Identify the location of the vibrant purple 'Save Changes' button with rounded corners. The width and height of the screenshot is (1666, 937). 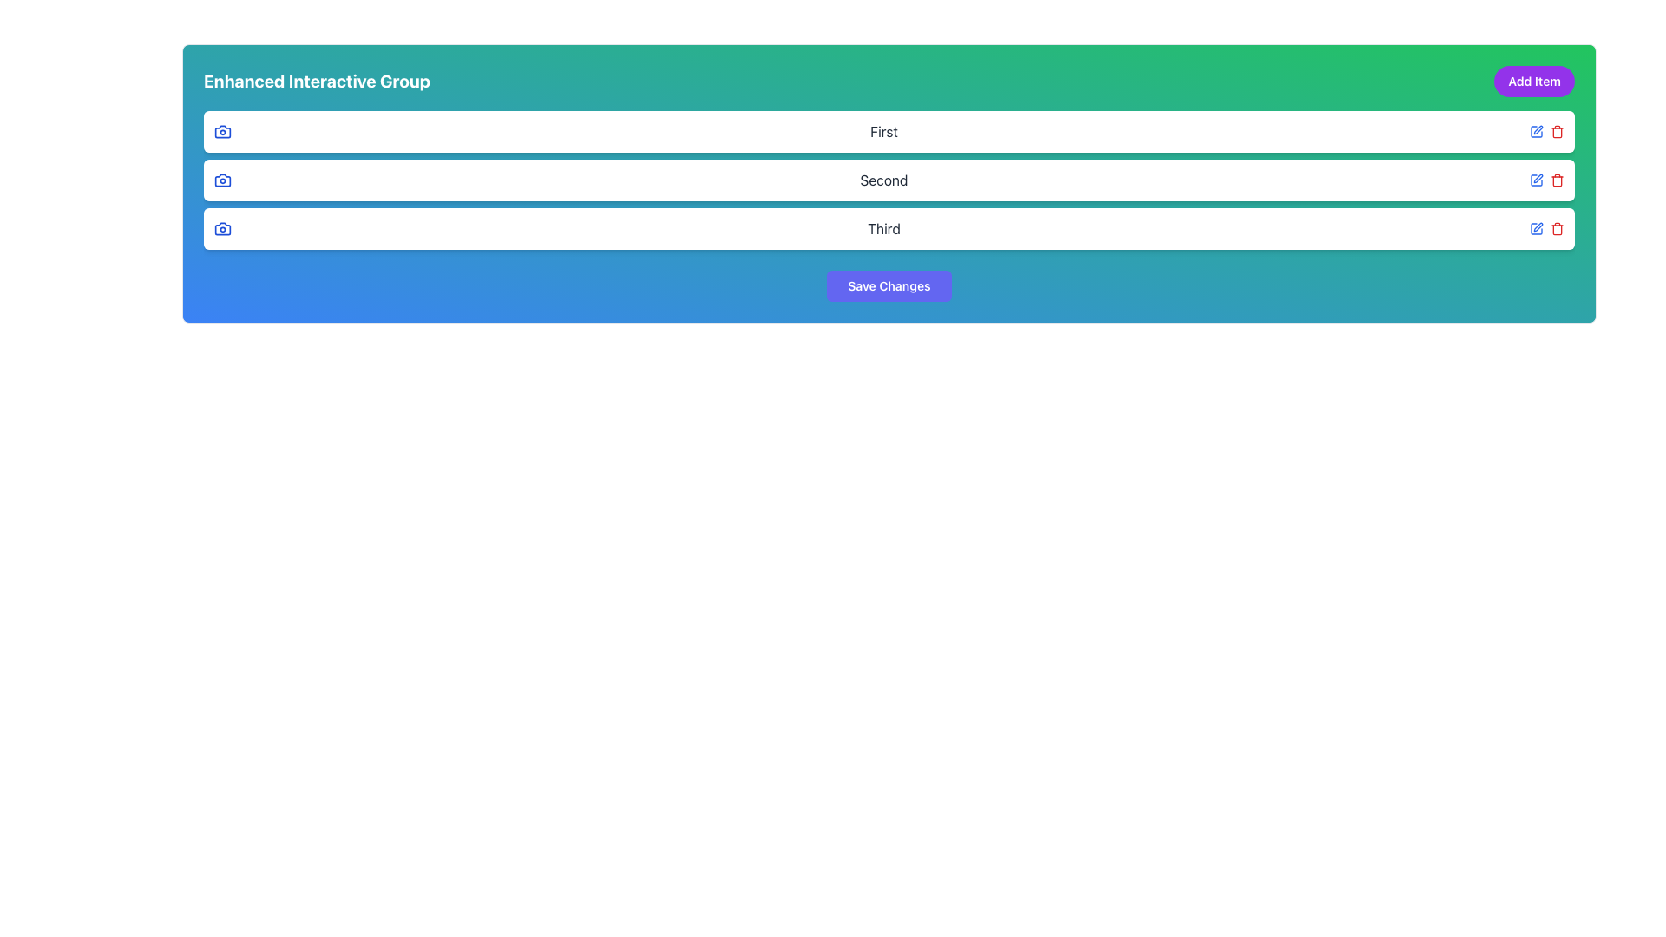
(889, 278).